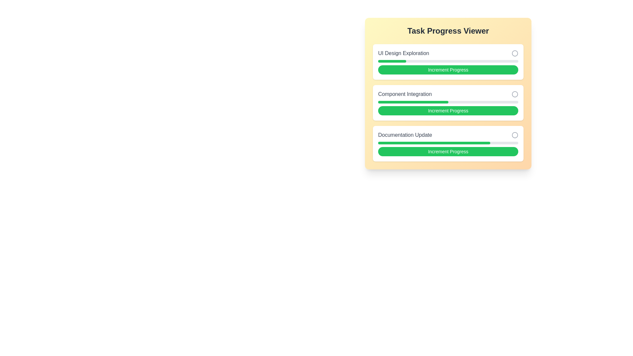  What do you see at coordinates (405, 134) in the screenshot?
I see `the static text label that serves as the title for the 'Documentation Update' section, positioned above the green progress bar and to the left of a circular icon` at bounding box center [405, 134].